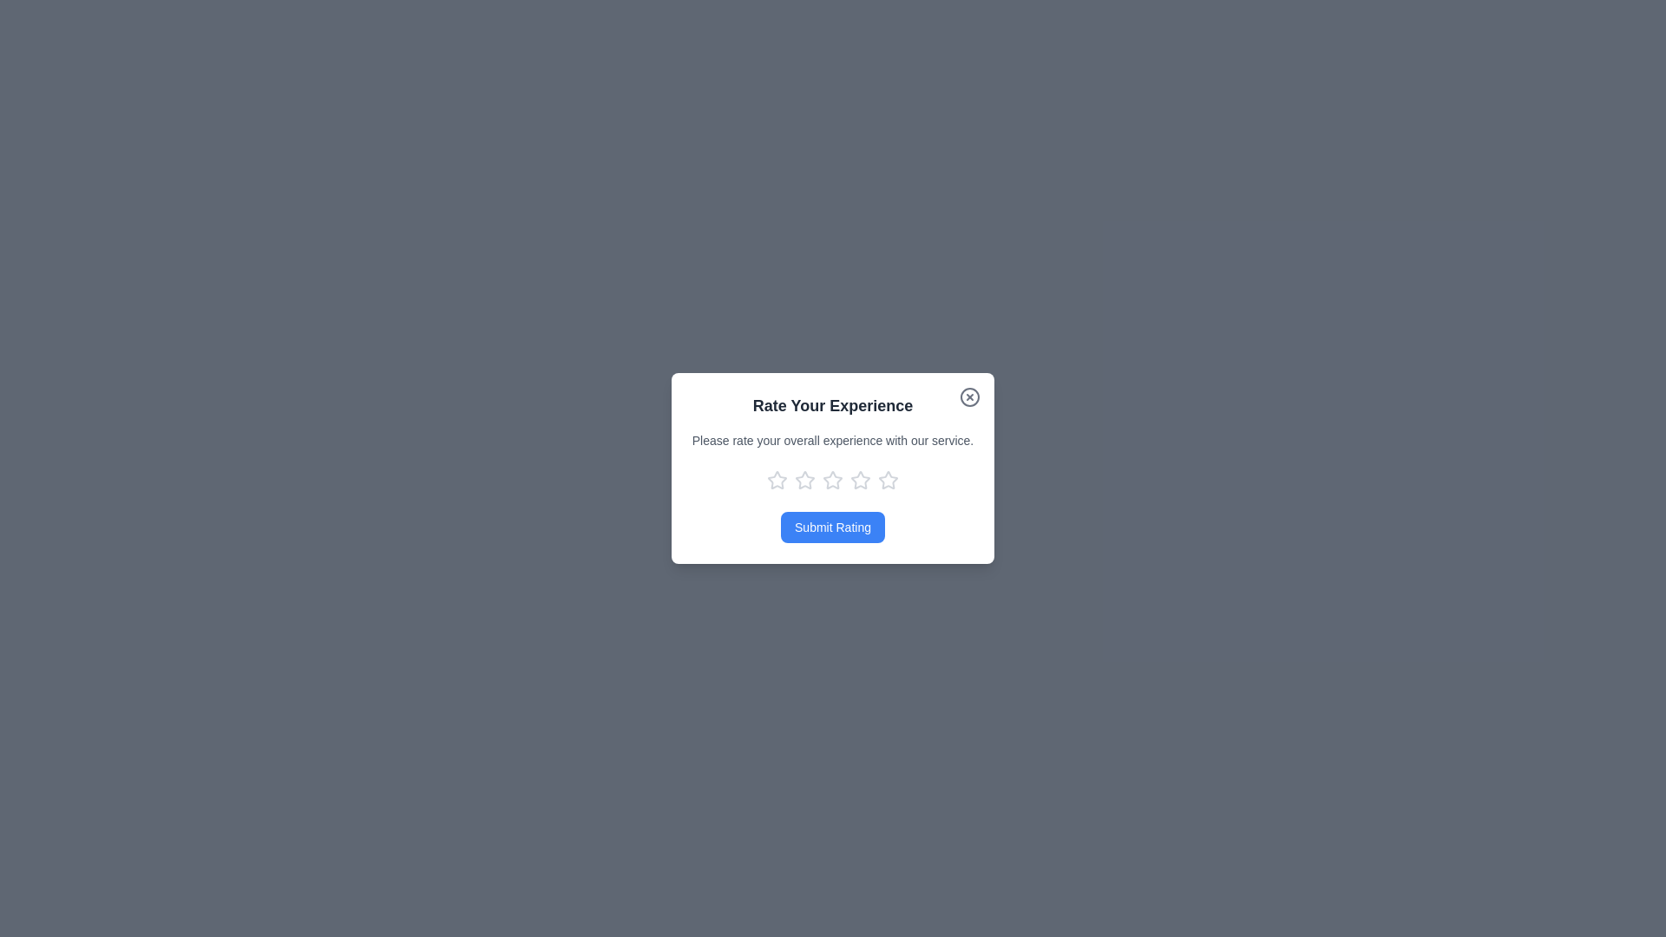  I want to click on the close button to close the dialog, so click(969, 397).